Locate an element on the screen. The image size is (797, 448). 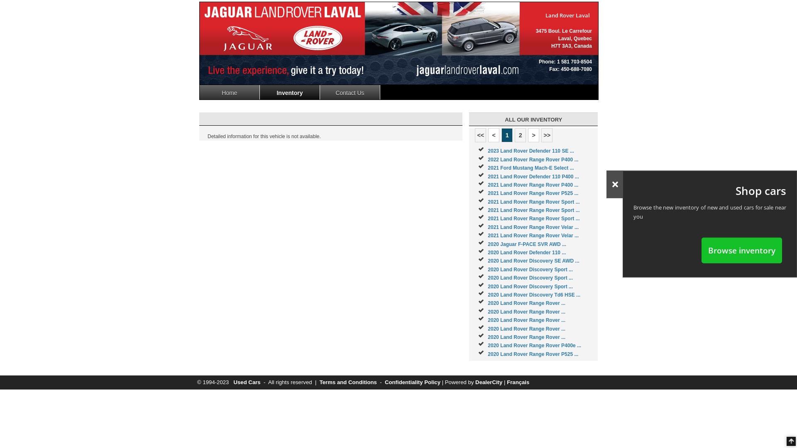
'2020 Land Rover Discovery Sport ...' is located at coordinates (530, 270).